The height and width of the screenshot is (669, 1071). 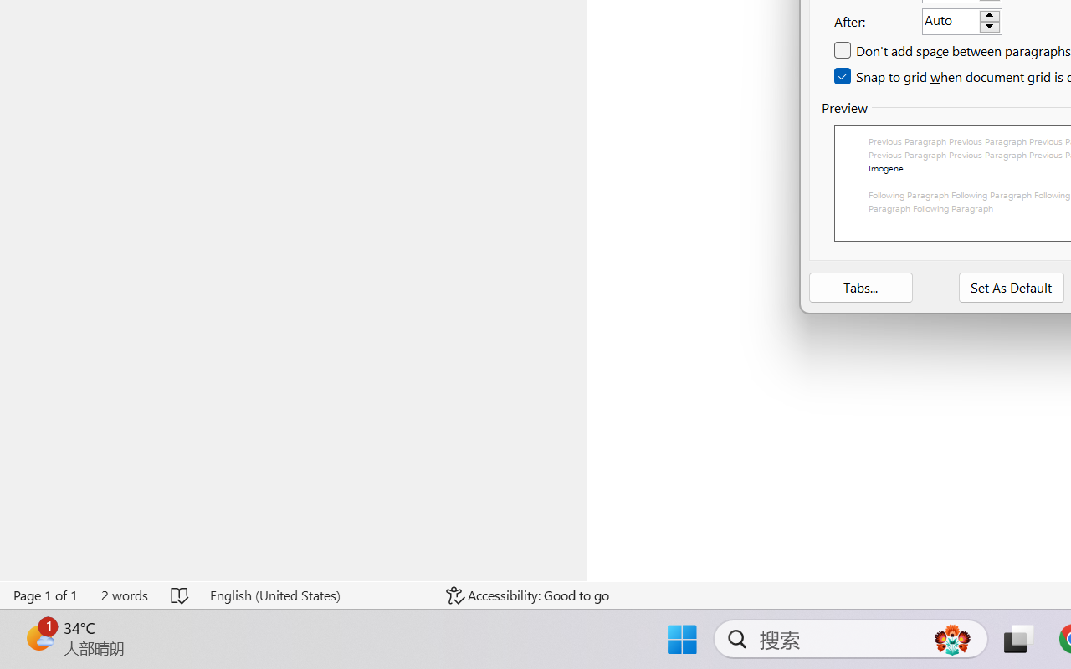 What do you see at coordinates (1011, 288) in the screenshot?
I see `'Set As Default'` at bounding box center [1011, 288].